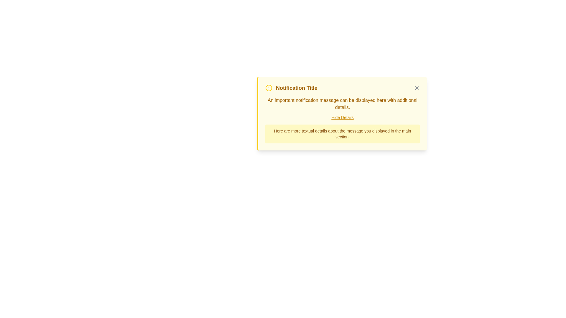  I want to click on the 'Hide Details' hyperlink, which is styled with underlined yellow text and located centrally within the notification panel, so click(342, 117).